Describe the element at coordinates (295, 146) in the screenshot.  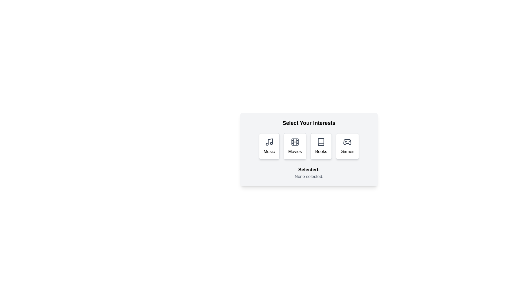
I see `the button labeled 'Movies' to observe its visual feedback` at that location.